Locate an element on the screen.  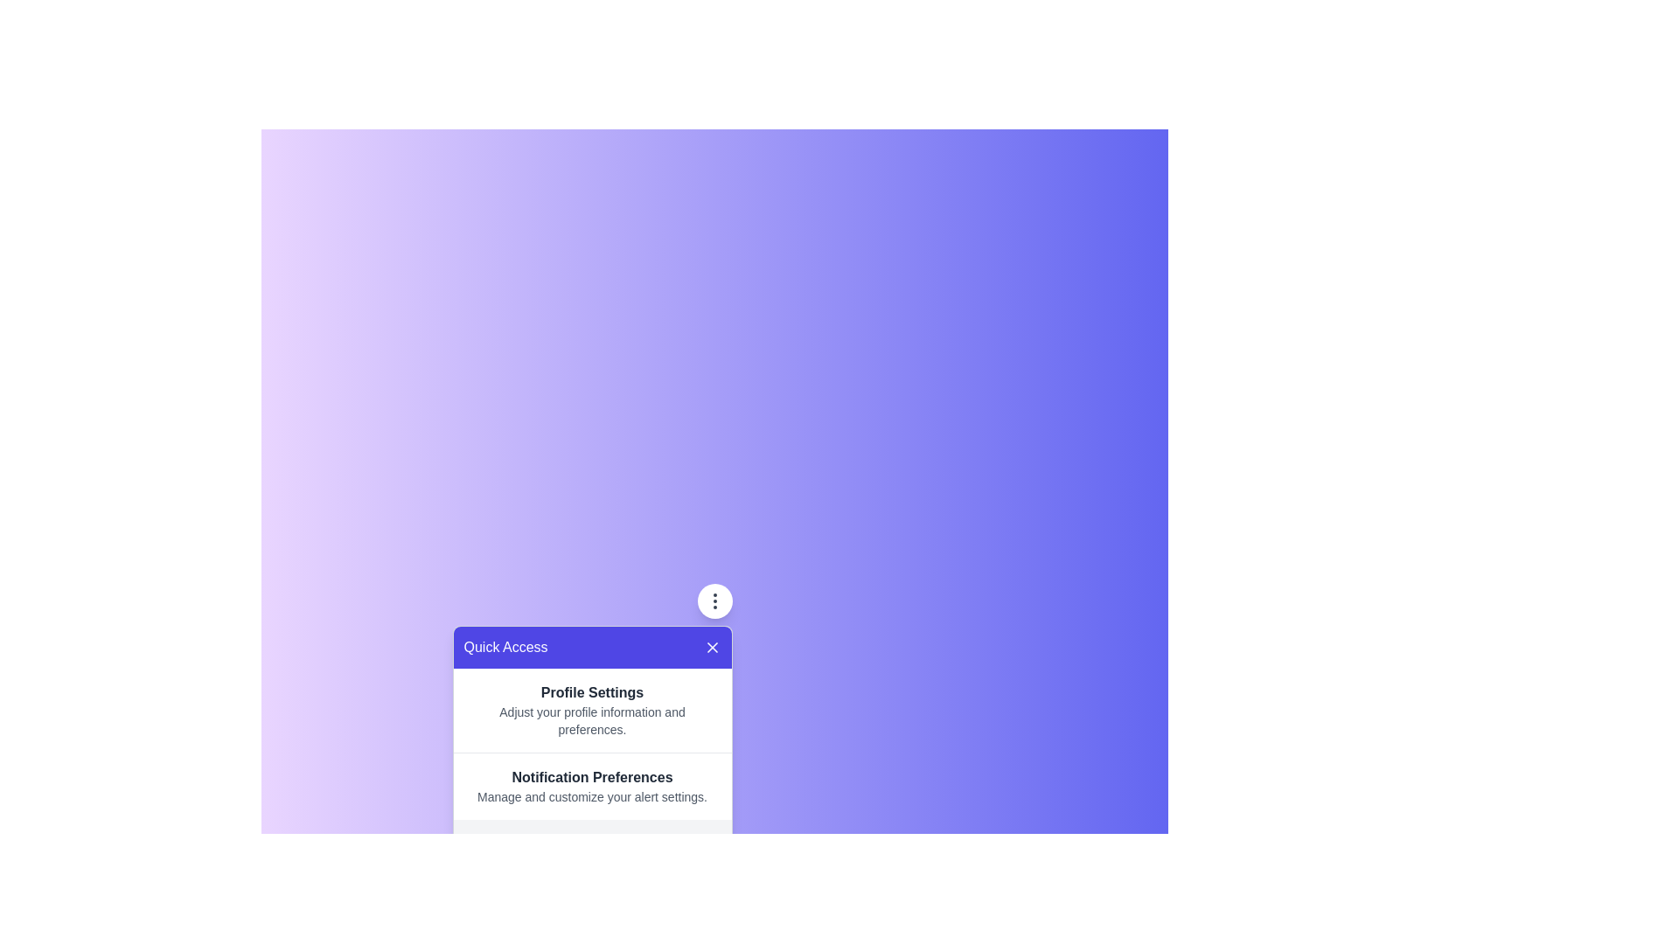
the text label that serves as a header for notification and alert customization, located in the lower section of the 'Quick Access' modal beneath 'Profile Settings.' is located at coordinates (592, 777).